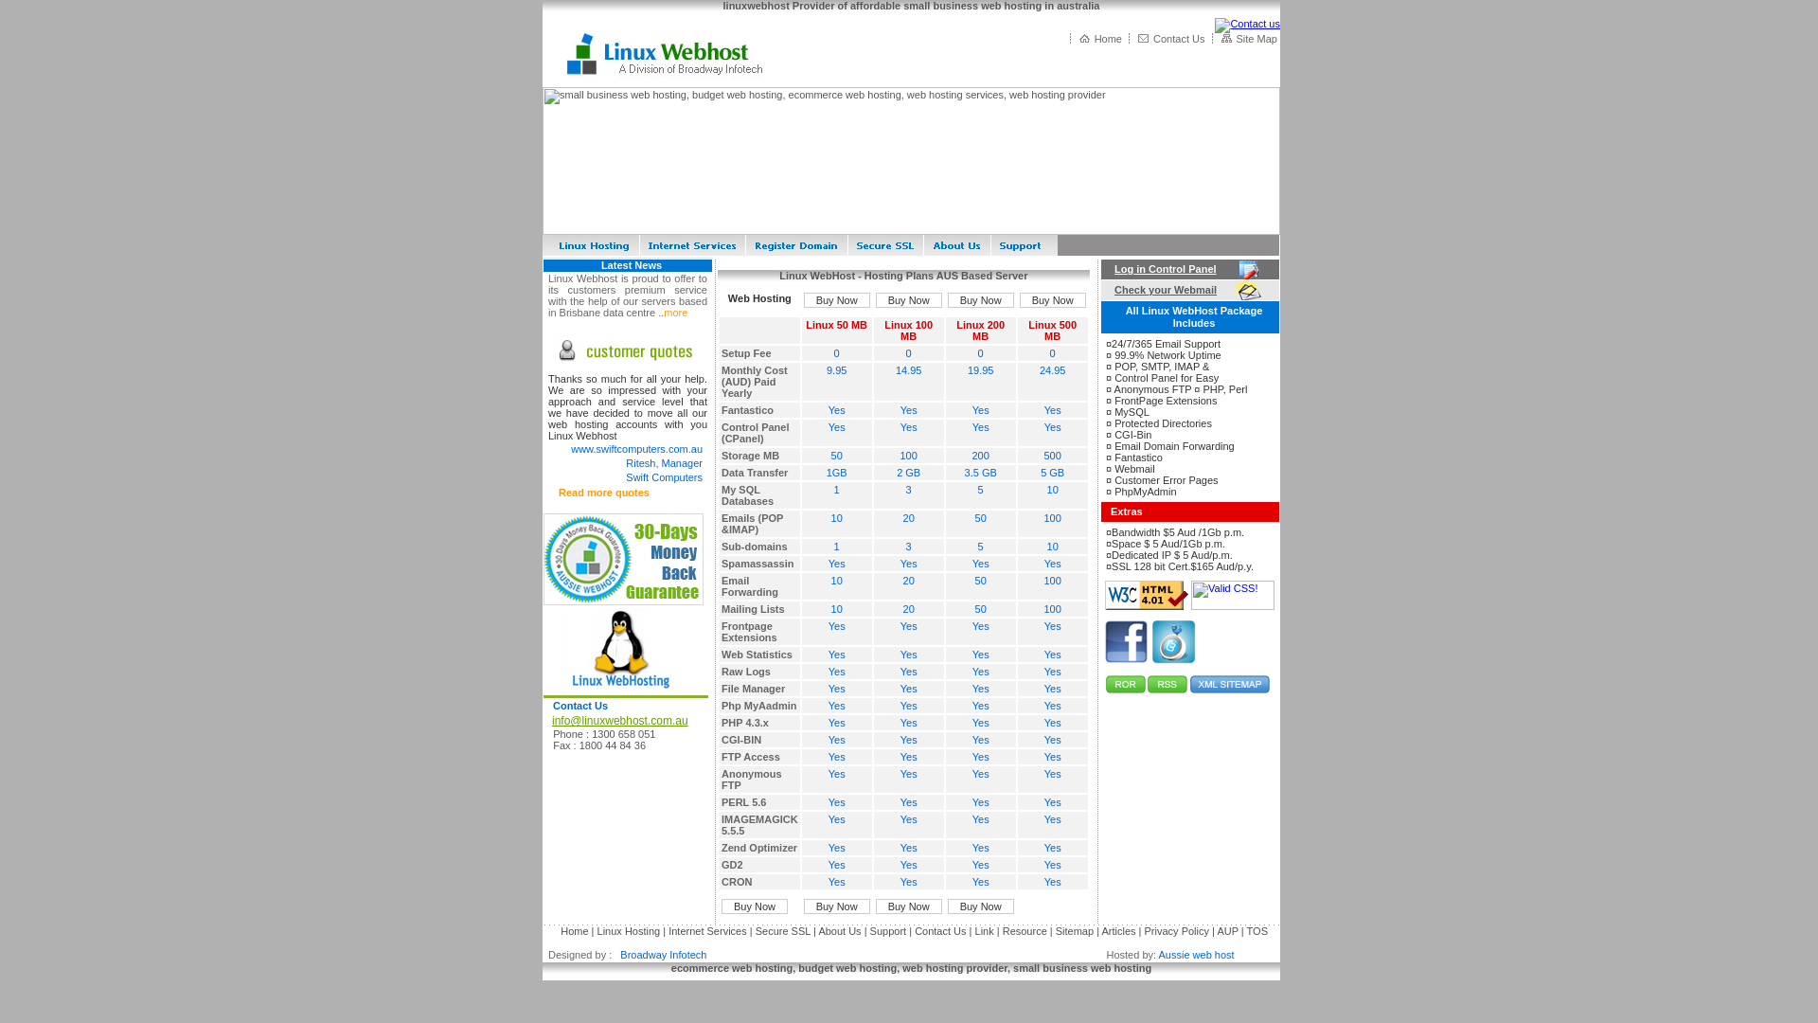 The image size is (1818, 1023). What do you see at coordinates (985, 930) in the screenshot?
I see `'Link |'` at bounding box center [985, 930].